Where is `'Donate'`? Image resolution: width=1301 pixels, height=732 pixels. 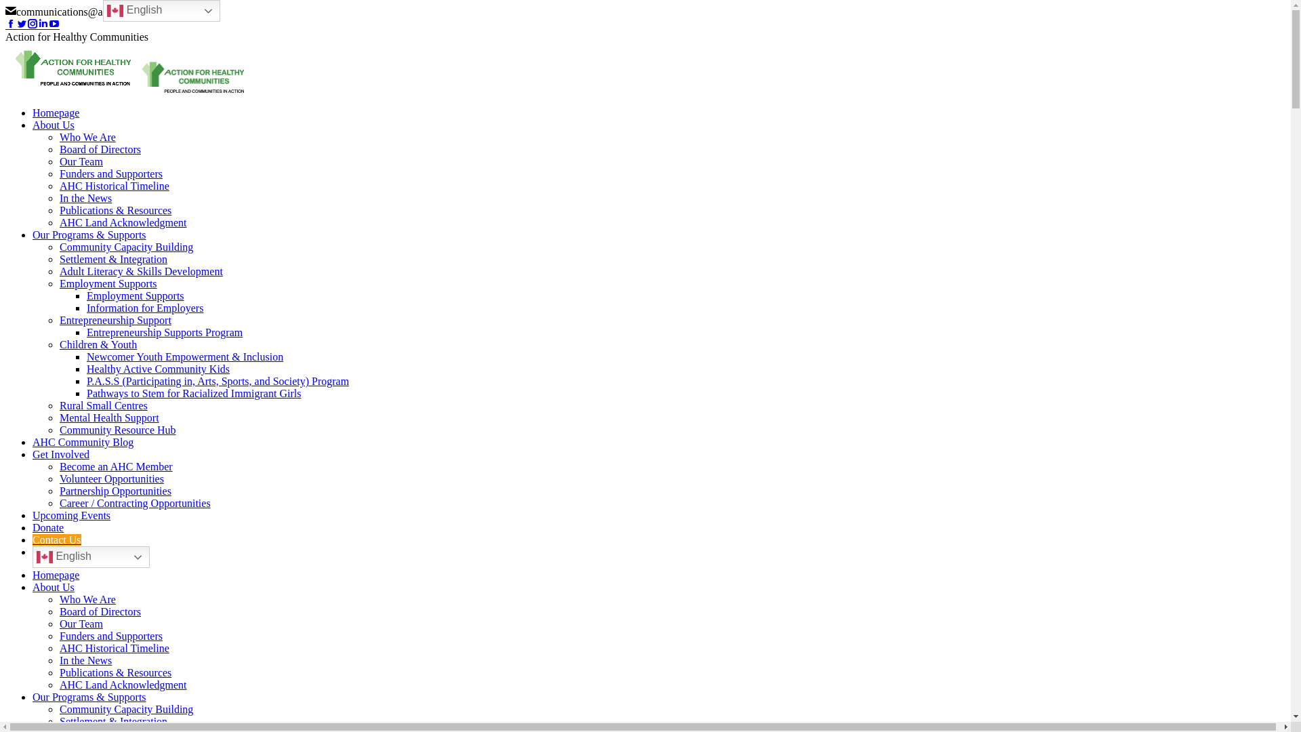
'Donate' is located at coordinates (48, 527).